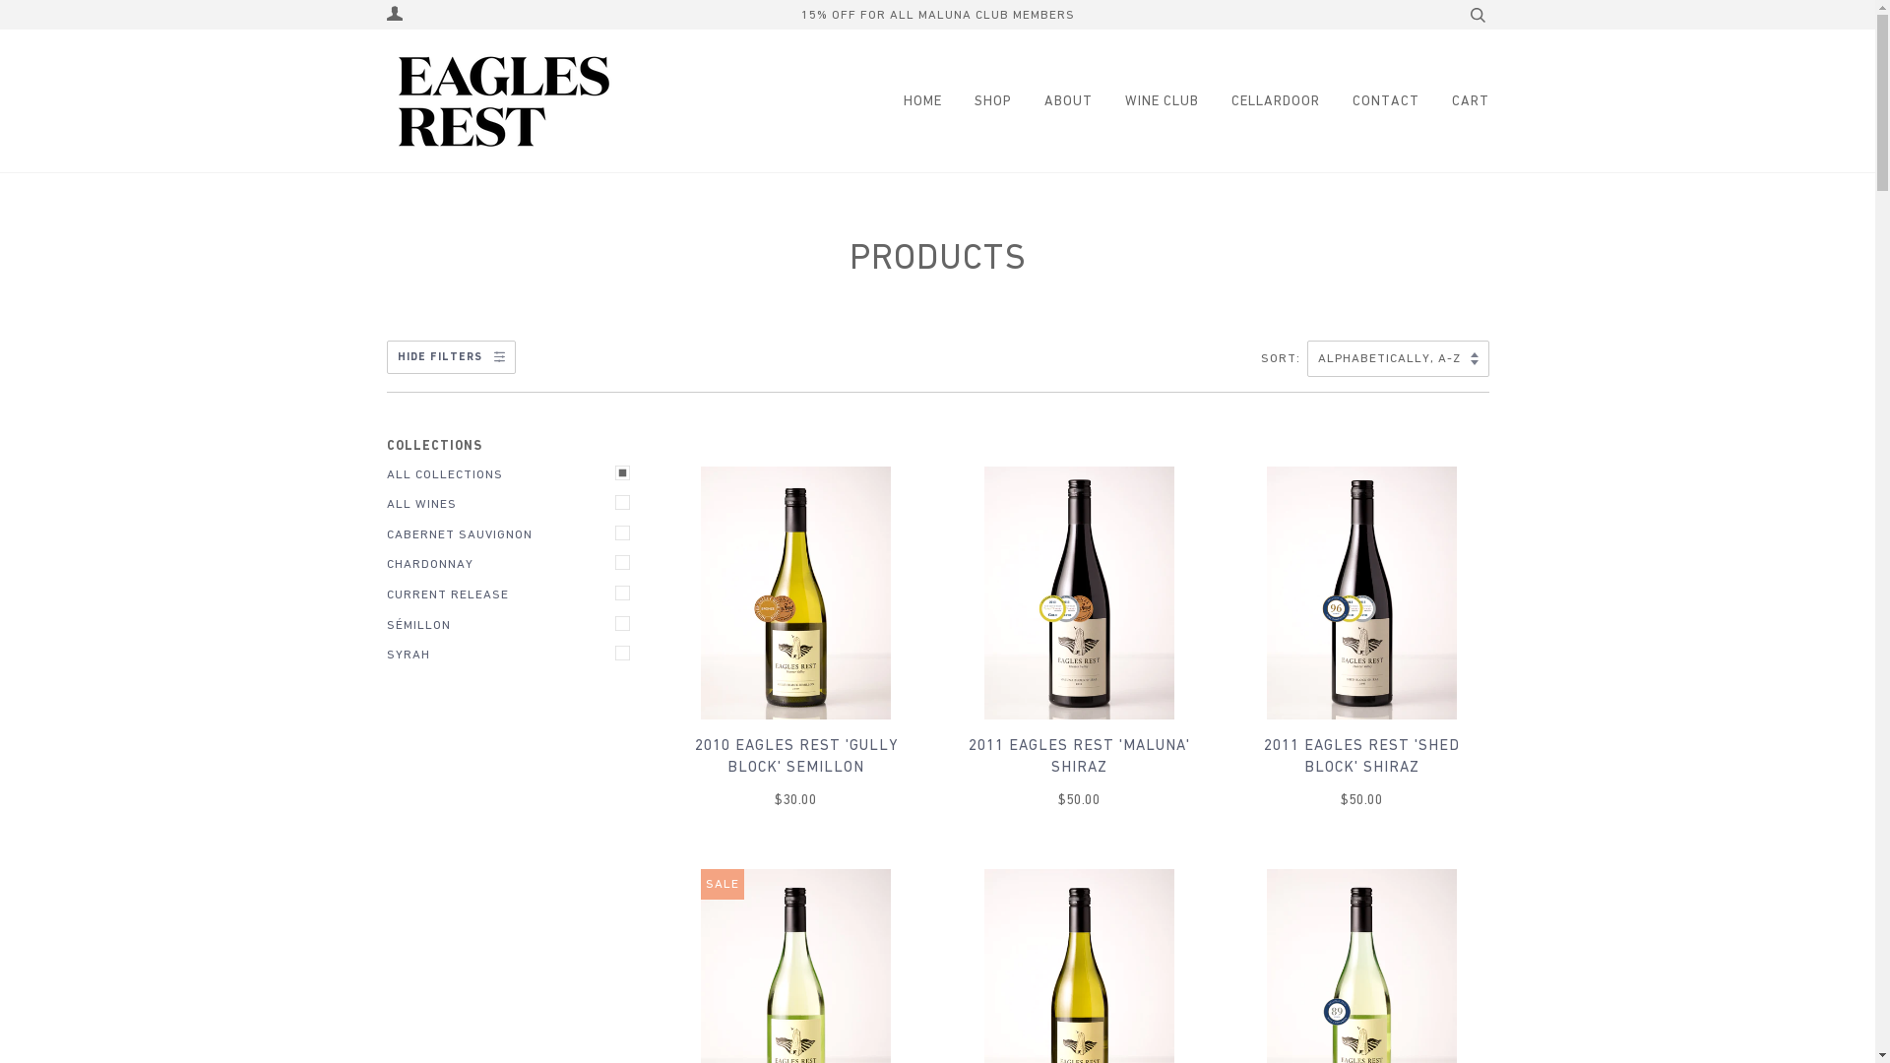 The height and width of the screenshot is (1063, 1890). Describe the element at coordinates (916, 99) in the screenshot. I see `'HOME'` at that location.